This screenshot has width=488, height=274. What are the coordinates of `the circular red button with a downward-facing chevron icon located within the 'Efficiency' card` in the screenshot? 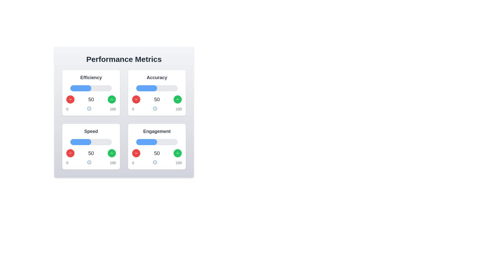 It's located at (70, 99).